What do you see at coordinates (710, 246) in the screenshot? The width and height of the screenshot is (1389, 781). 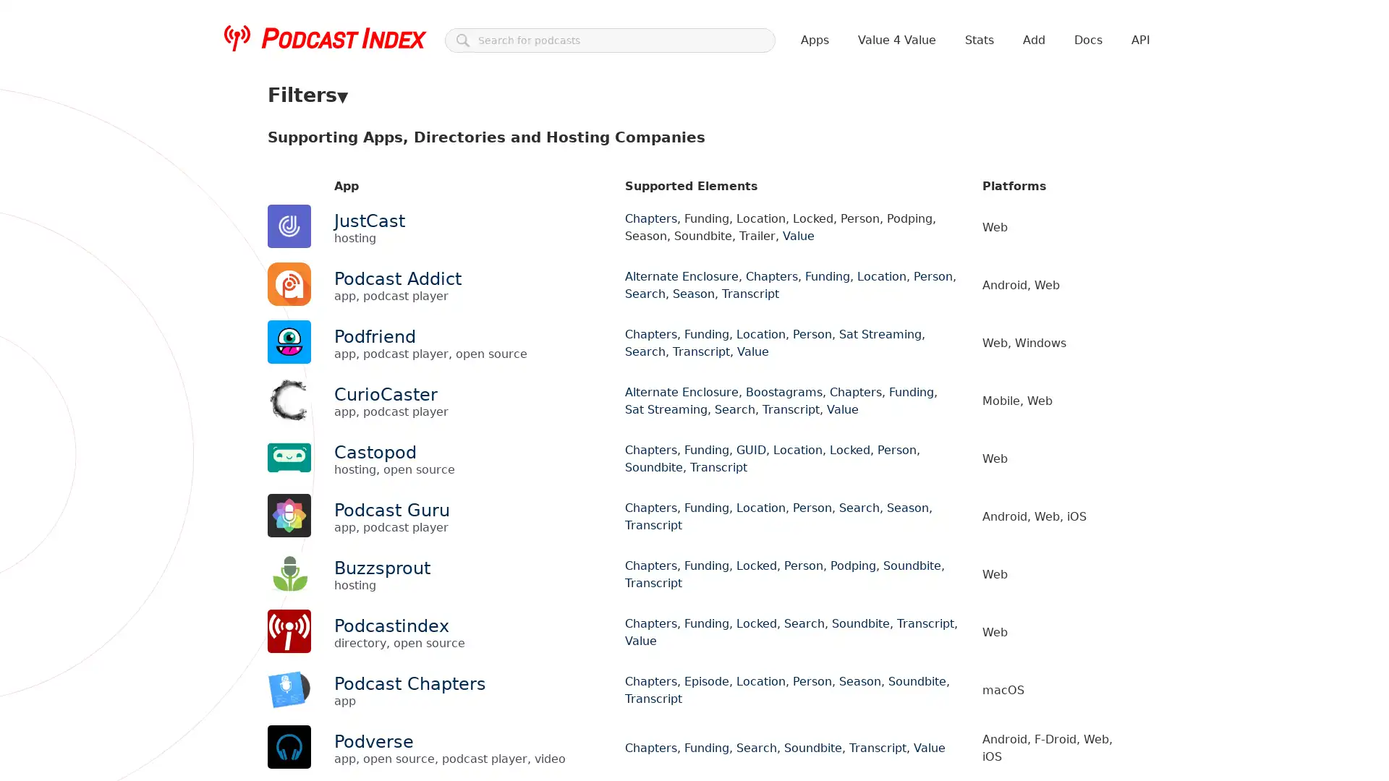 I see `Value` at bounding box center [710, 246].